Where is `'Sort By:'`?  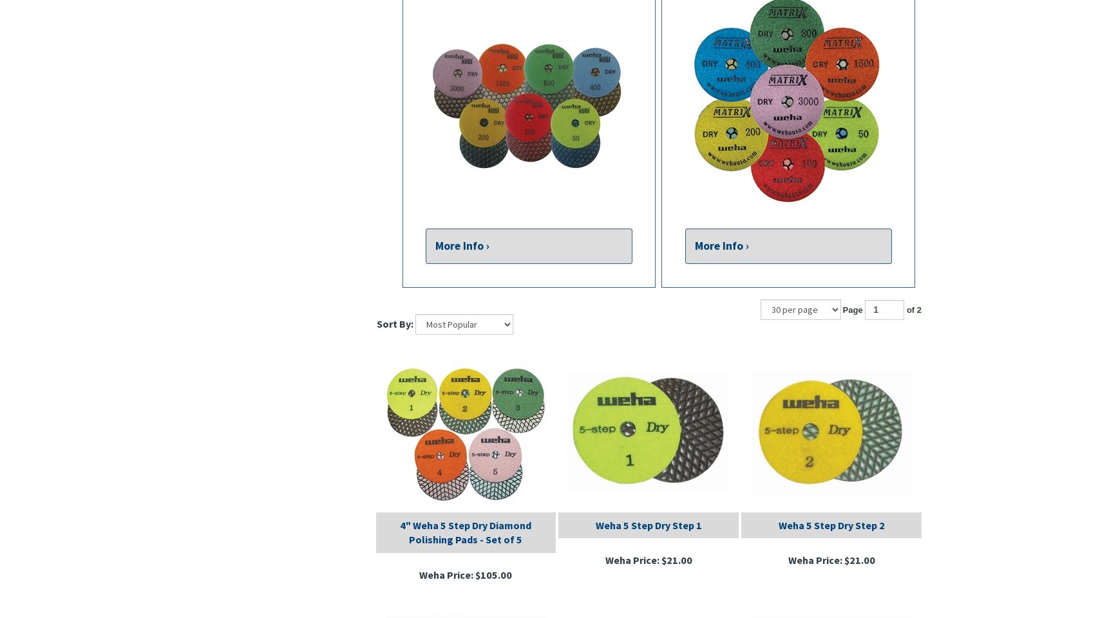
'Sort By:' is located at coordinates (393, 323).